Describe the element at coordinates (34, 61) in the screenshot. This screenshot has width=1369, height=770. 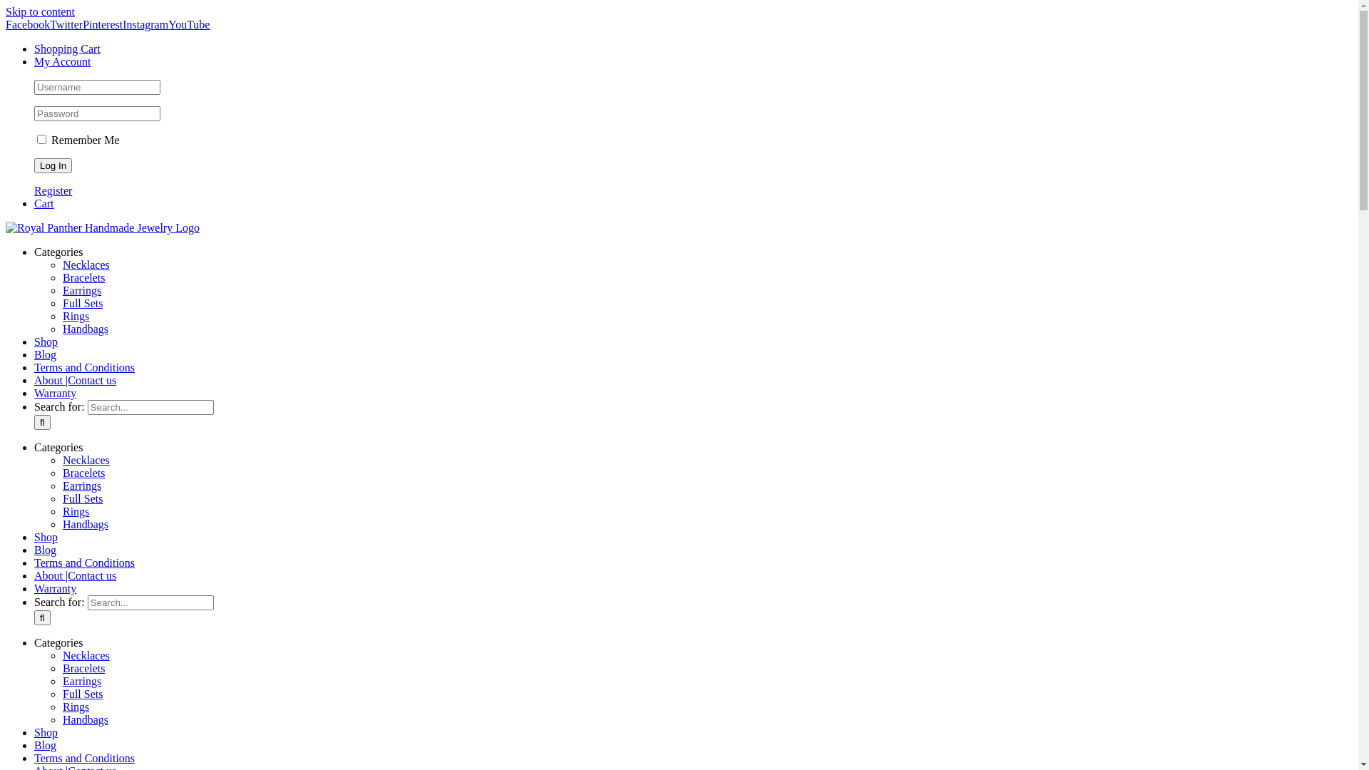
I see `'My Account'` at that location.